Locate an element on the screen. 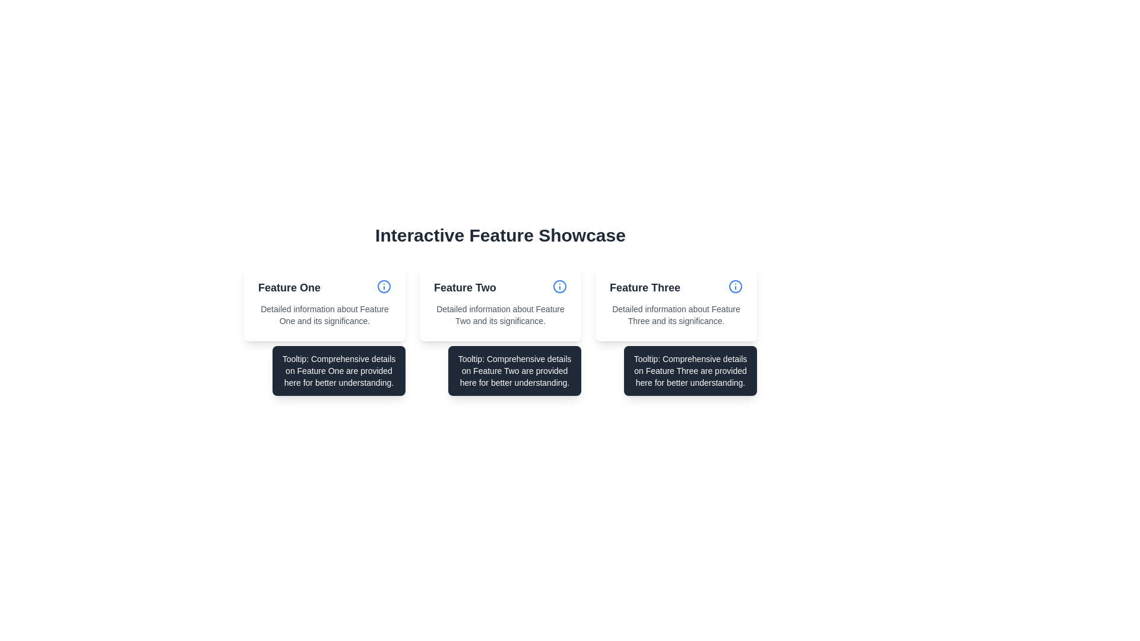 The width and height of the screenshot is (1140, 641). the text element that reads 'Detailed information about Feature Two and its significance', which is located below the header 'Feature Two' in the center panel is located at coordinates (501, 315).